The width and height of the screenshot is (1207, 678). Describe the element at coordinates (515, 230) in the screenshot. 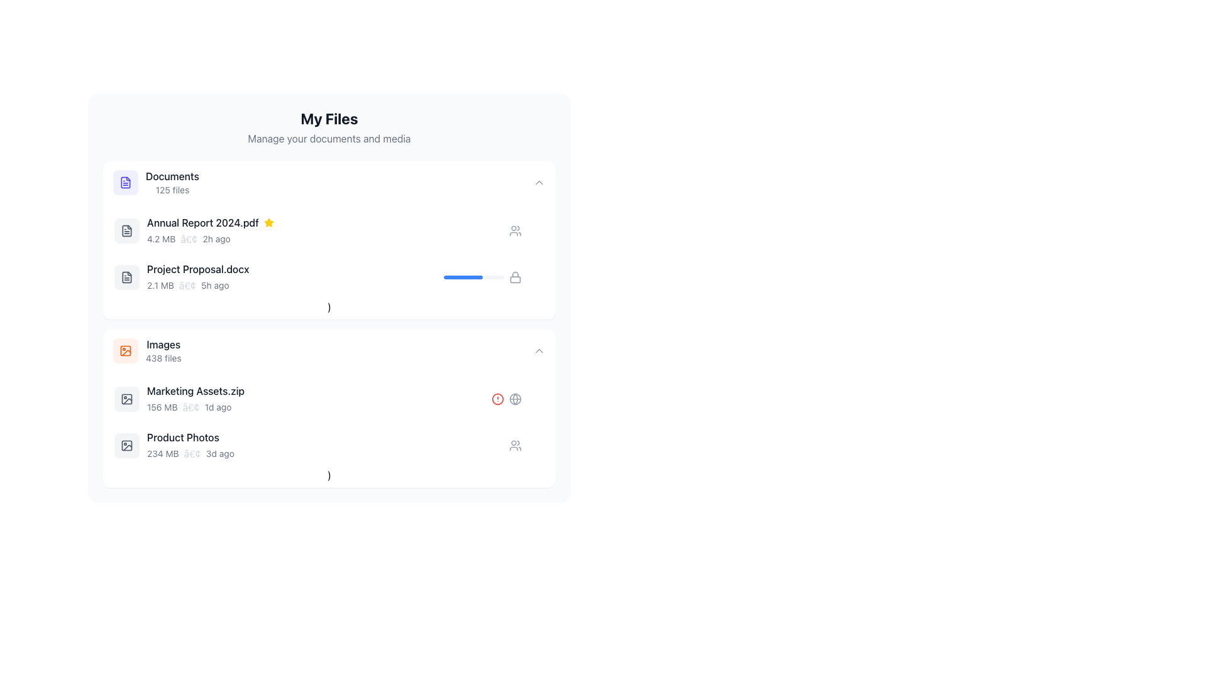

I see `the small gray SVG icon representing a group of users, located to the right of the 'Marketing Assets.zip' item in the file list` at that location.